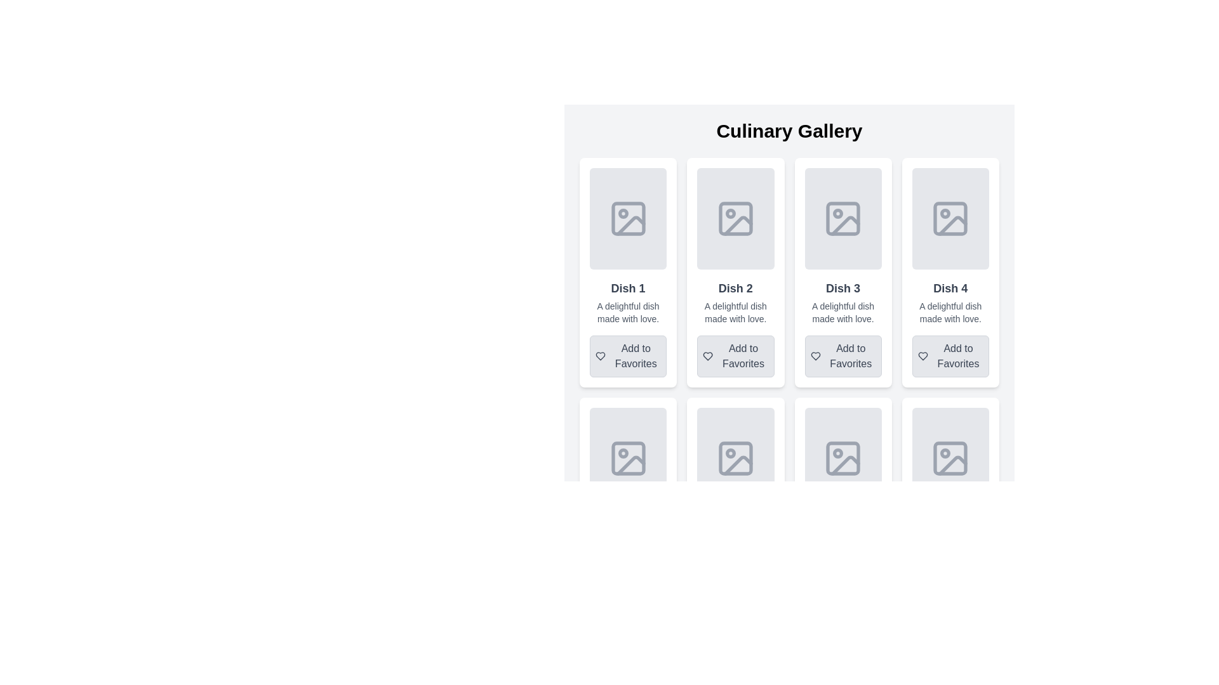 The width and height of the screenshot is (1219, 685). Describe the element at coordinates (735, 218) in the screenshot. I see `the image placeholder icon located in the 'Dish 2' card of the 'Culinary Gallery', which is centrally positioned above the text descriptions and 'Add to Favorites' button` at that location.